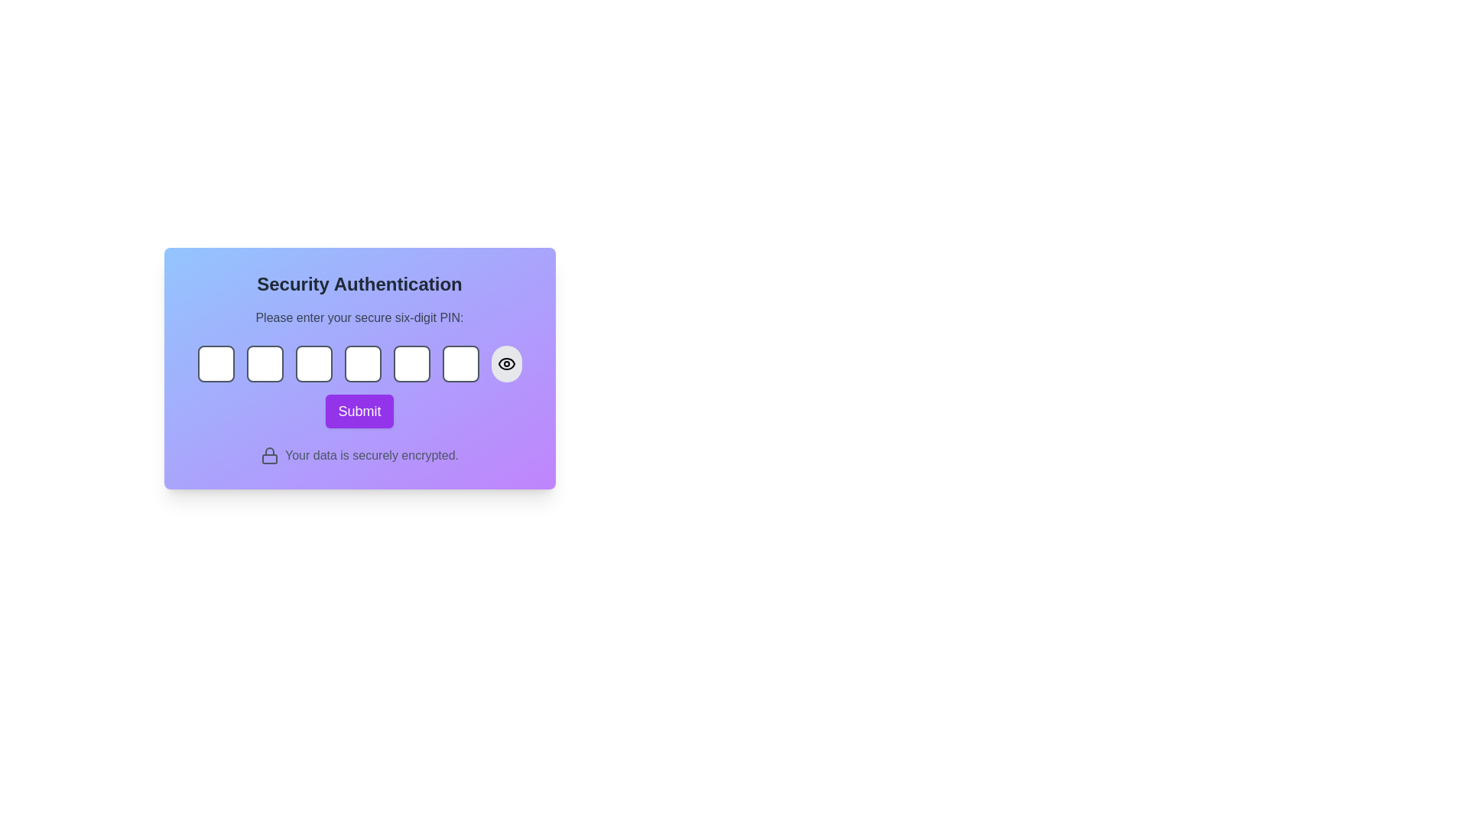  I want to click on the Decorative SVG component that visually represents part of a lock symbol, located at the bottom left of the form under the 'Submit' button, so click(269, 458).